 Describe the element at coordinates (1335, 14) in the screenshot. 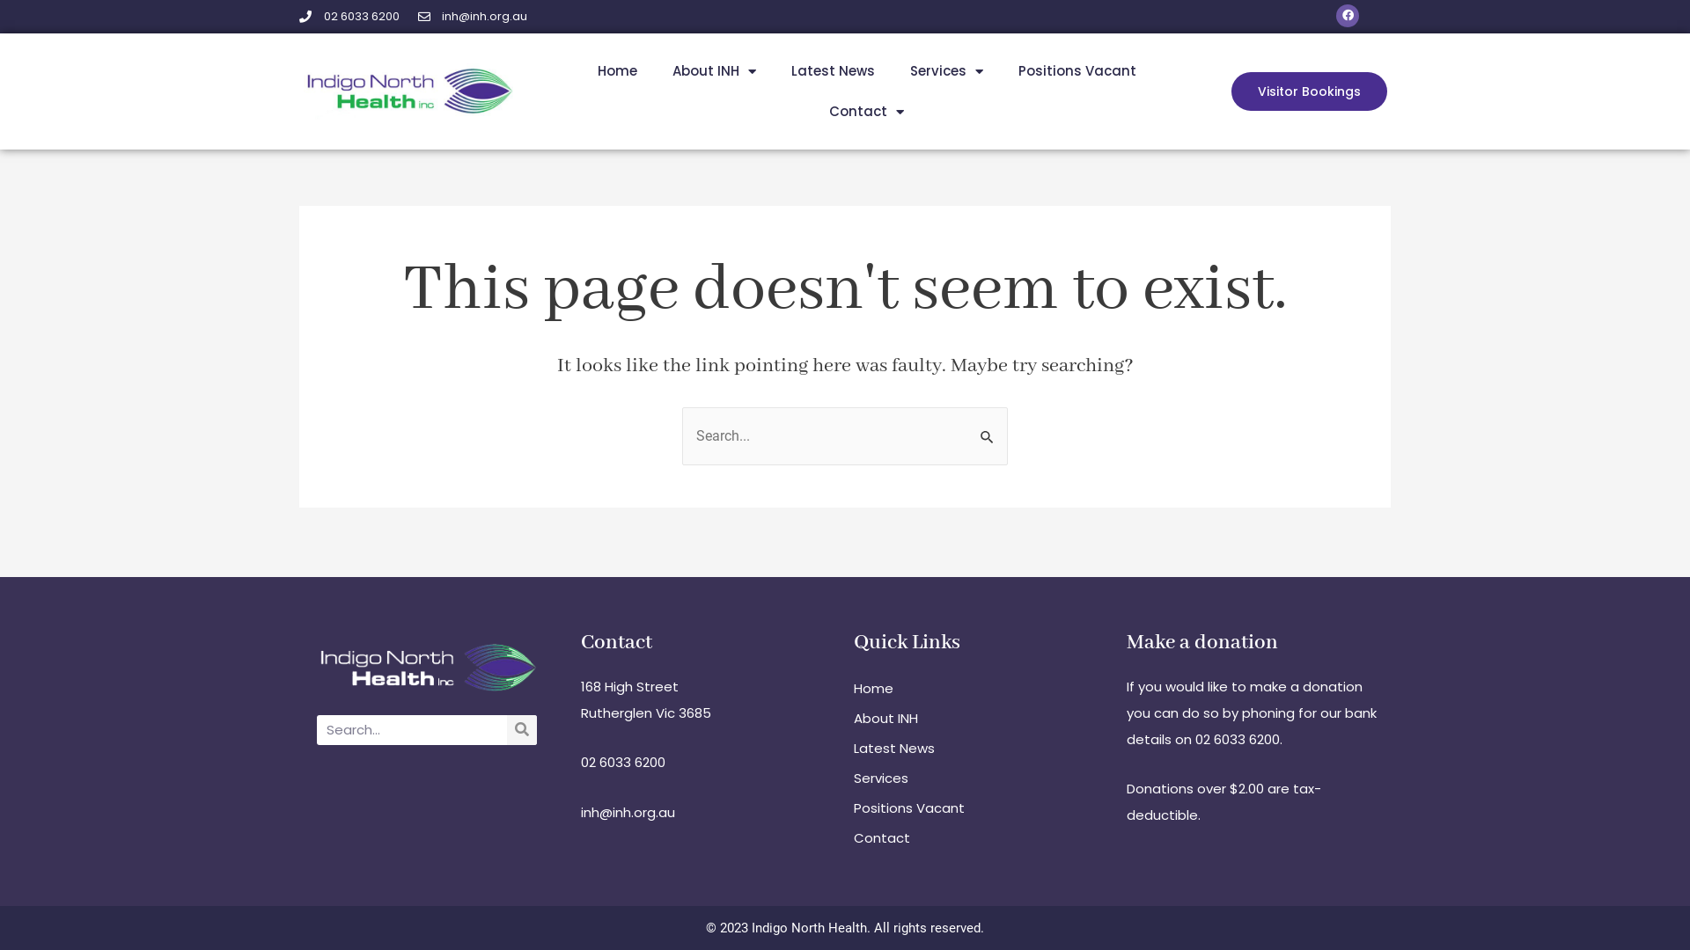

I see `'Facebook'` at that location.